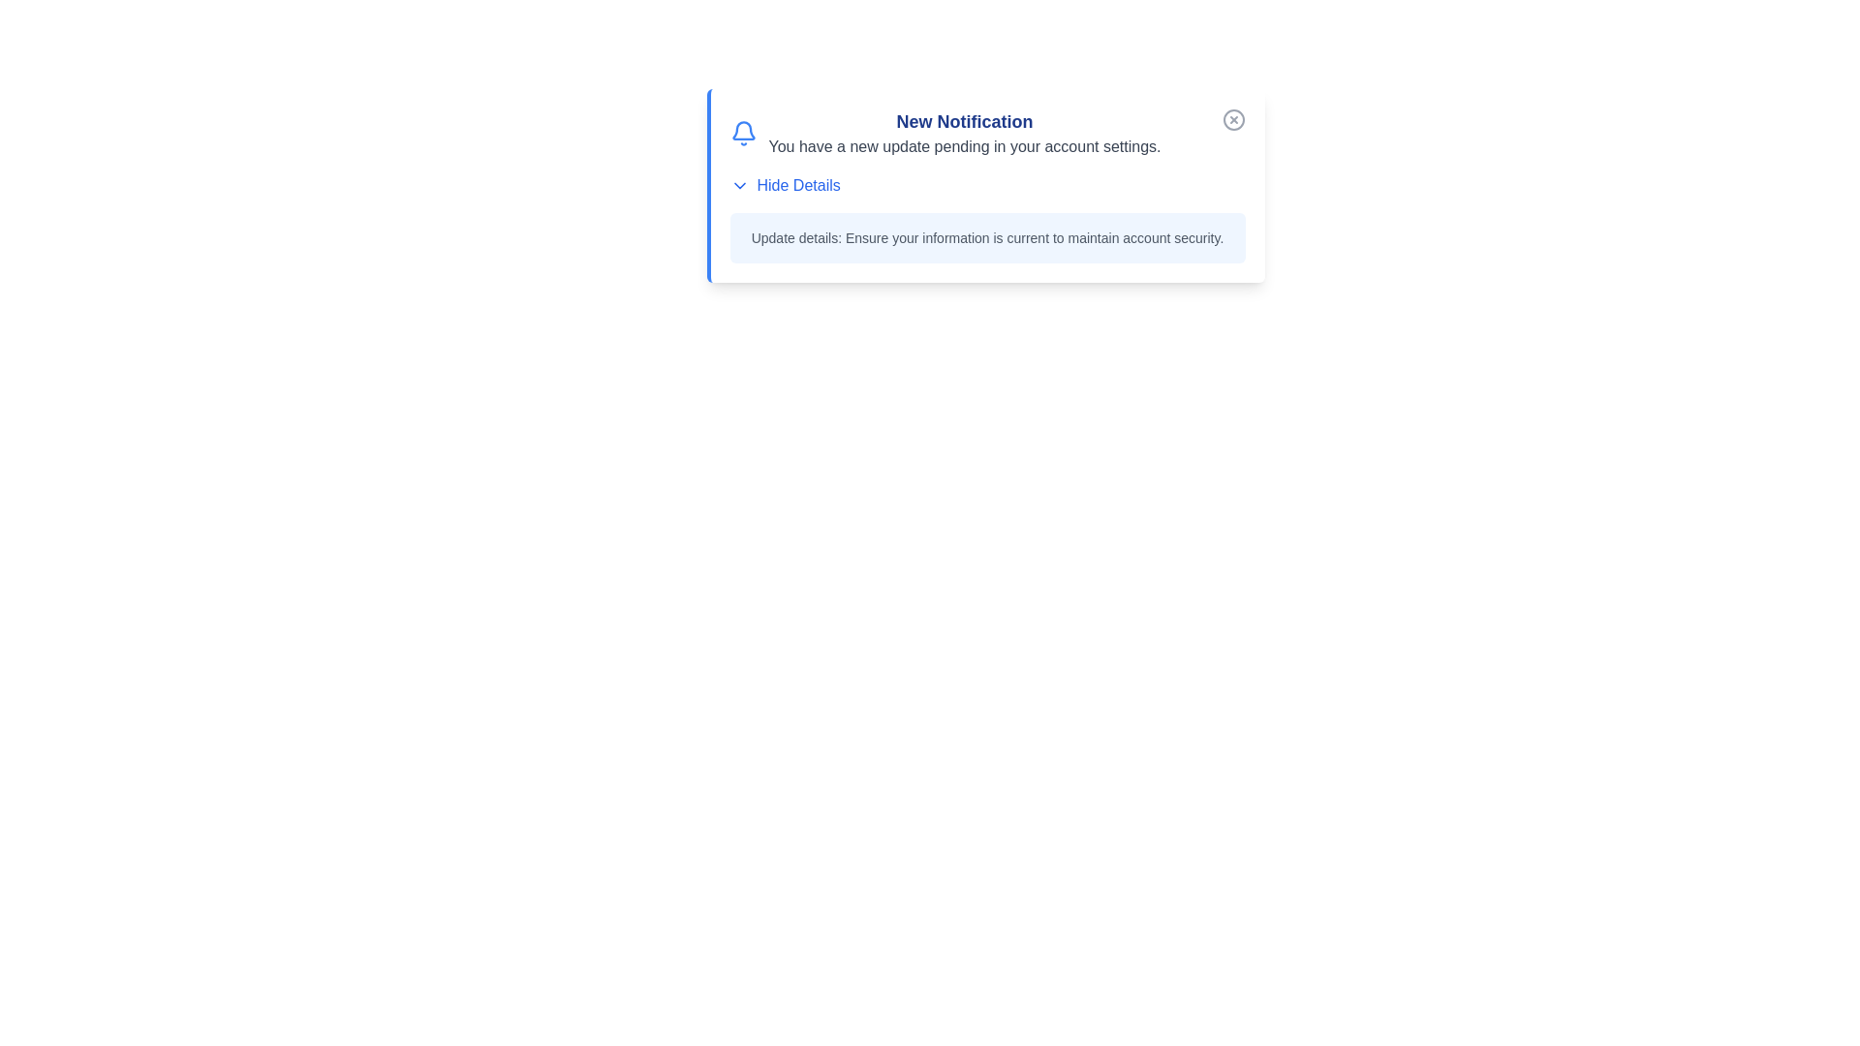 The height and width of the screenshot is (1046, 1860). Describe the element at coordinates (965, 133) in the screenshot. I see `the text block notifying the user about pending updates in their account settings for additional information, if interactive tooltips are present` at that location.